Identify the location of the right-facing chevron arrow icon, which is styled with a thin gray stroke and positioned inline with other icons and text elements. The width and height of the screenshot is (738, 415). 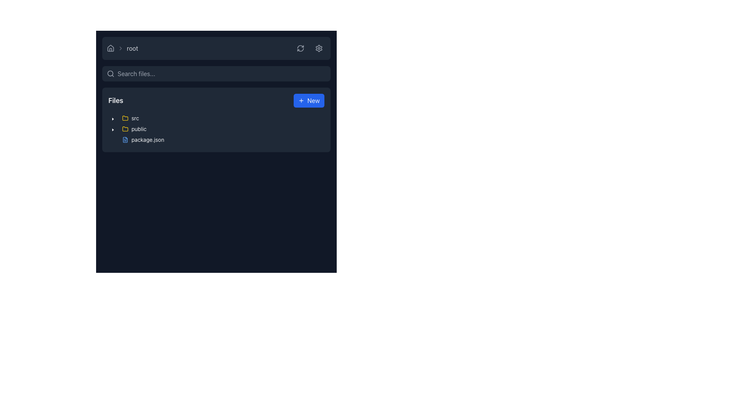
(120, 48).